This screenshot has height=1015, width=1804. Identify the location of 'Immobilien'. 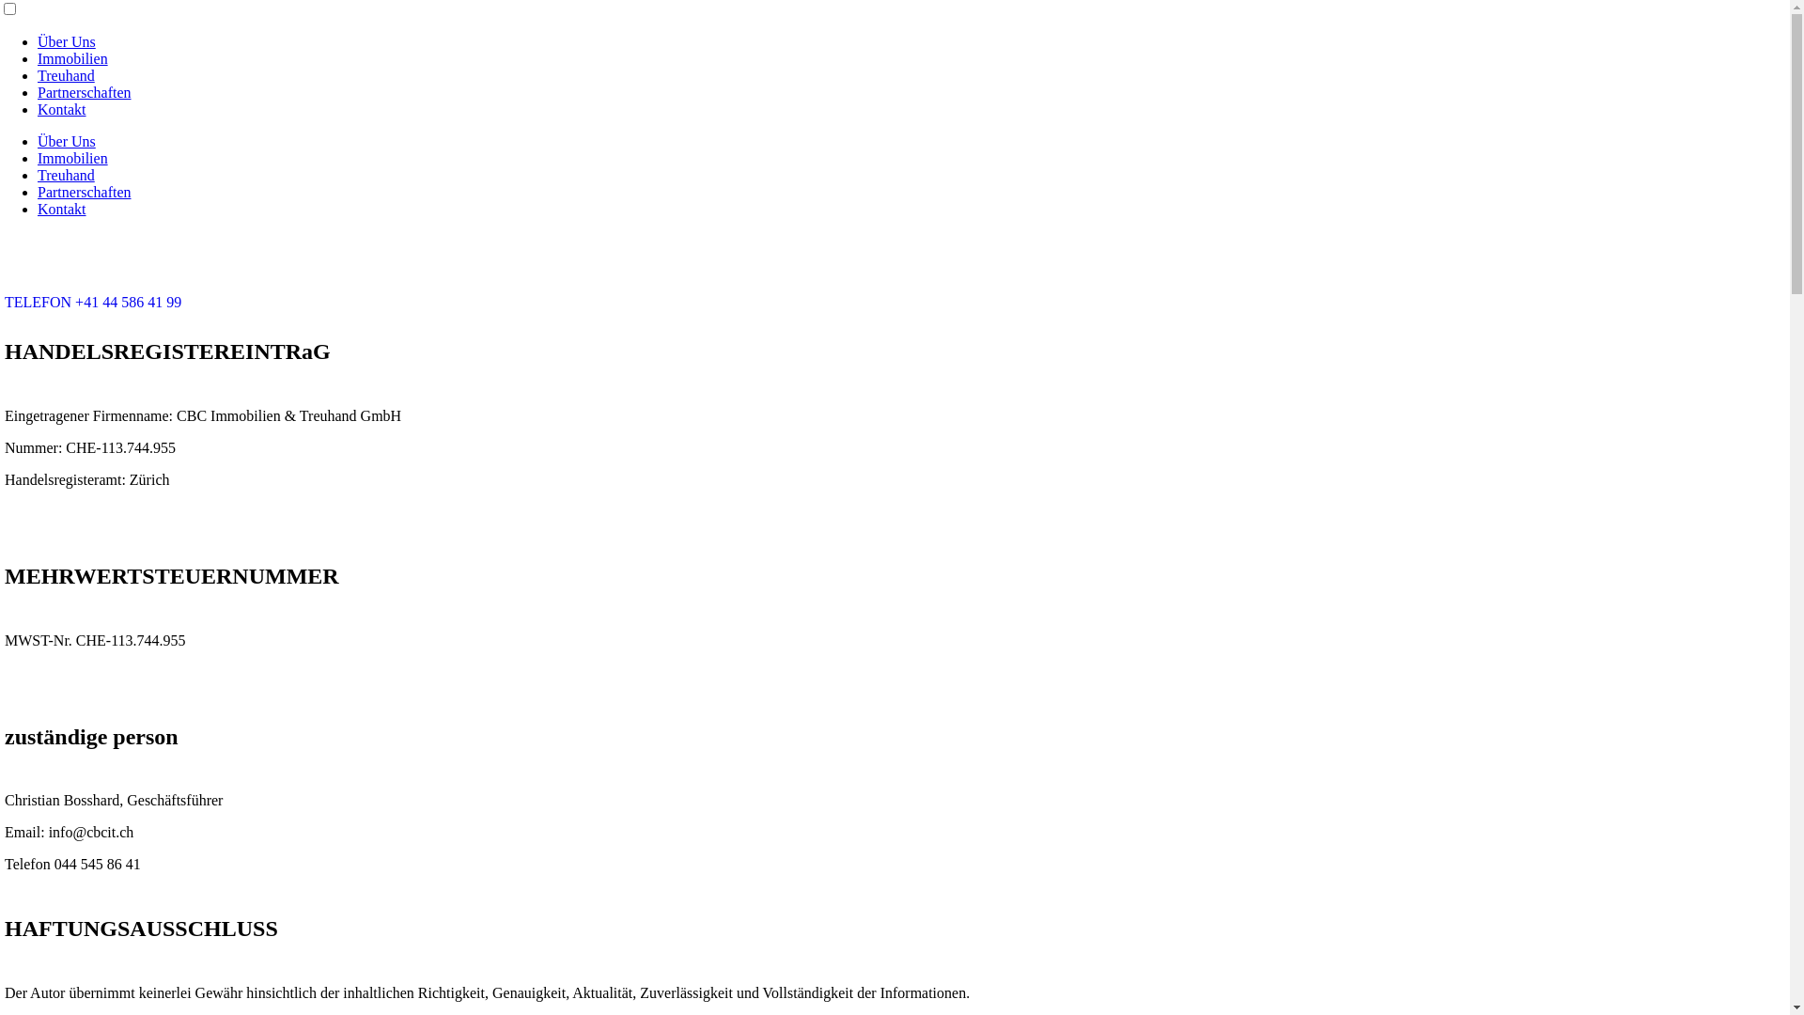
(72, 57).